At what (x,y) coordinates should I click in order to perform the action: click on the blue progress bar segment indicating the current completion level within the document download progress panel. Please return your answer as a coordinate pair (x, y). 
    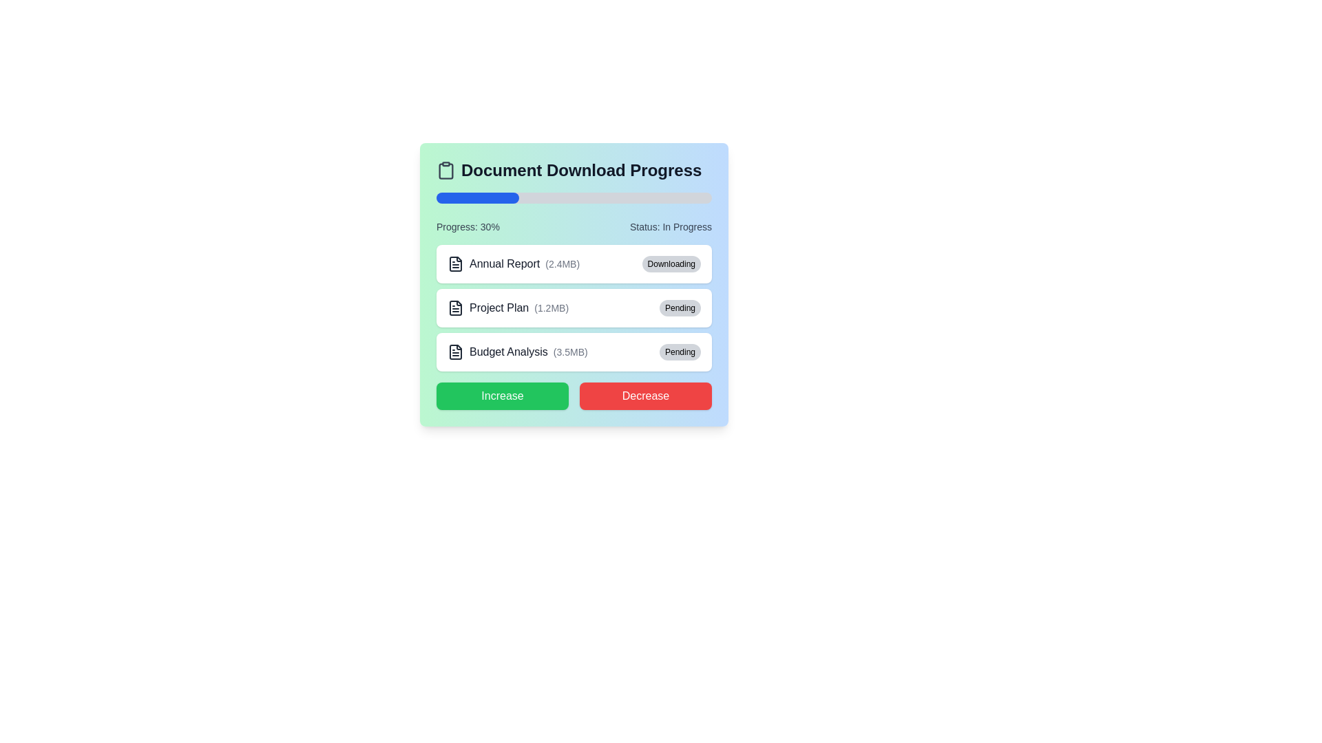
    Looking at the image, I should click on (478, 198).